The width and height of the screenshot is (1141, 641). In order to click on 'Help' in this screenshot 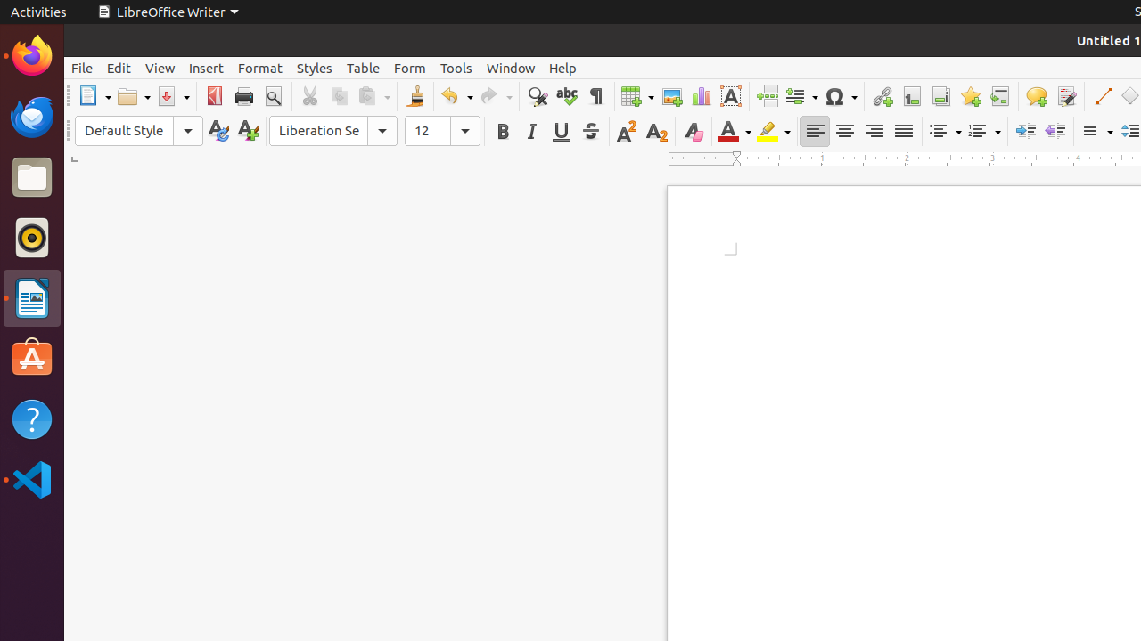, I will do `click(562, 67)`.